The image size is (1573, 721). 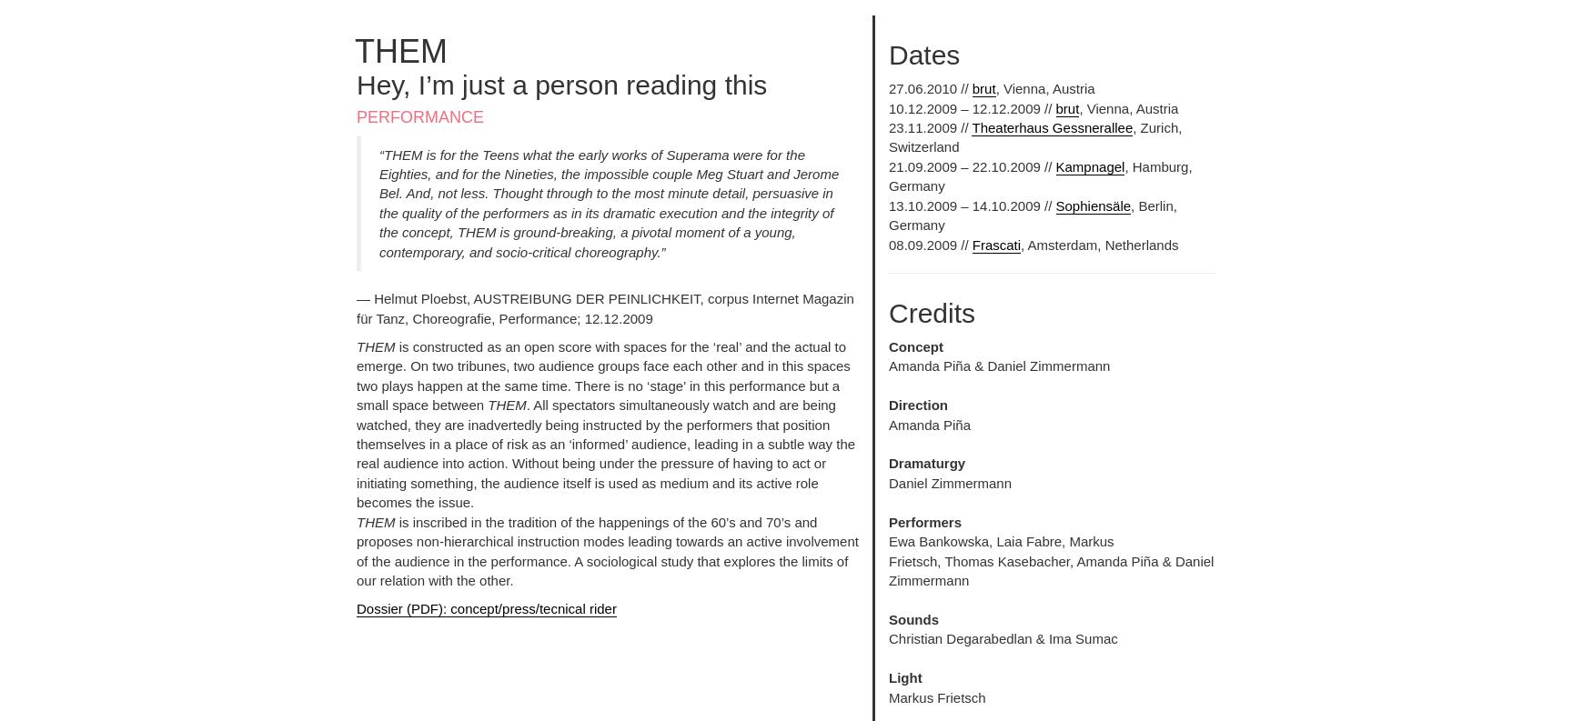 I want to click on 'Frascati', so click(x=972, y=243).